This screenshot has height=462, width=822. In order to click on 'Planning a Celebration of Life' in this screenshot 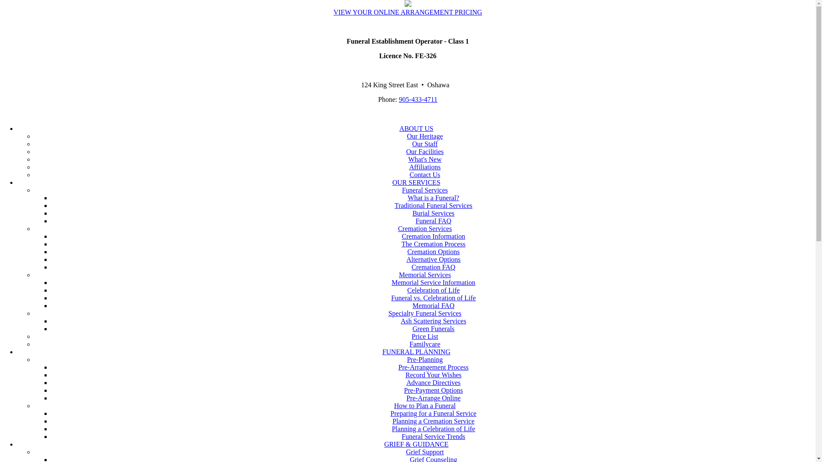, I will do `click(433, 429)`.